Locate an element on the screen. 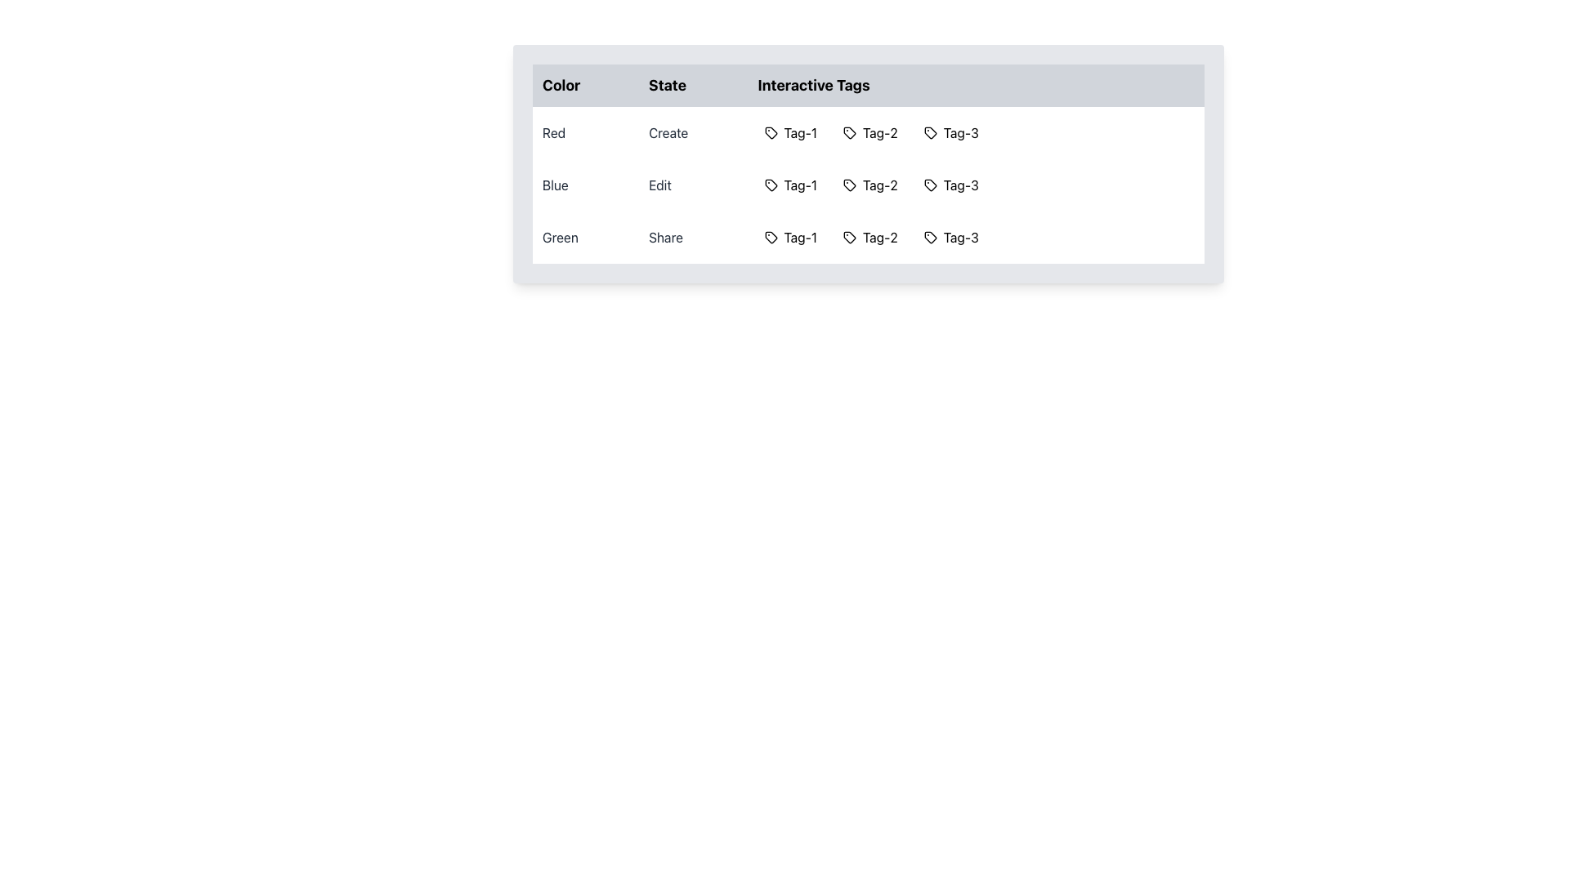 The height and width of the screenshot is (882, 1569). the third tag labeled 'Tag-3' in the blue-themed row of the table, which is positioned after 'Tag-1' and 'Tag-2' is located at coordinates (951, 185).